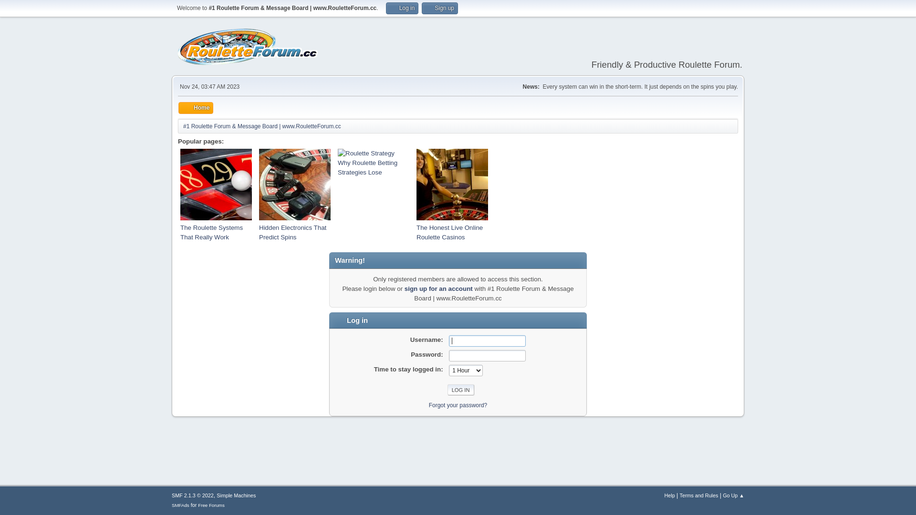  Describe the element at coordinates (180, 505) in the screenshot. I see `'SMFAds'` at that location.